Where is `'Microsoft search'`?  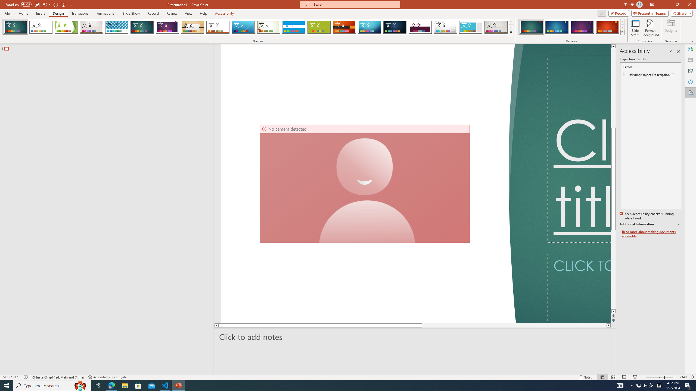
'Microsoft search' is located at coordinates (355, 4).